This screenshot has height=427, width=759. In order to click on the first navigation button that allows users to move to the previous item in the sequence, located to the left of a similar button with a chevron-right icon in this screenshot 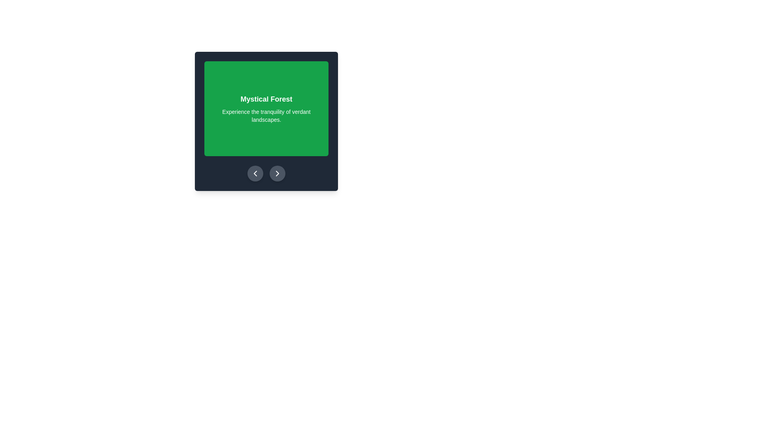, I will do `click(255, 173)`.